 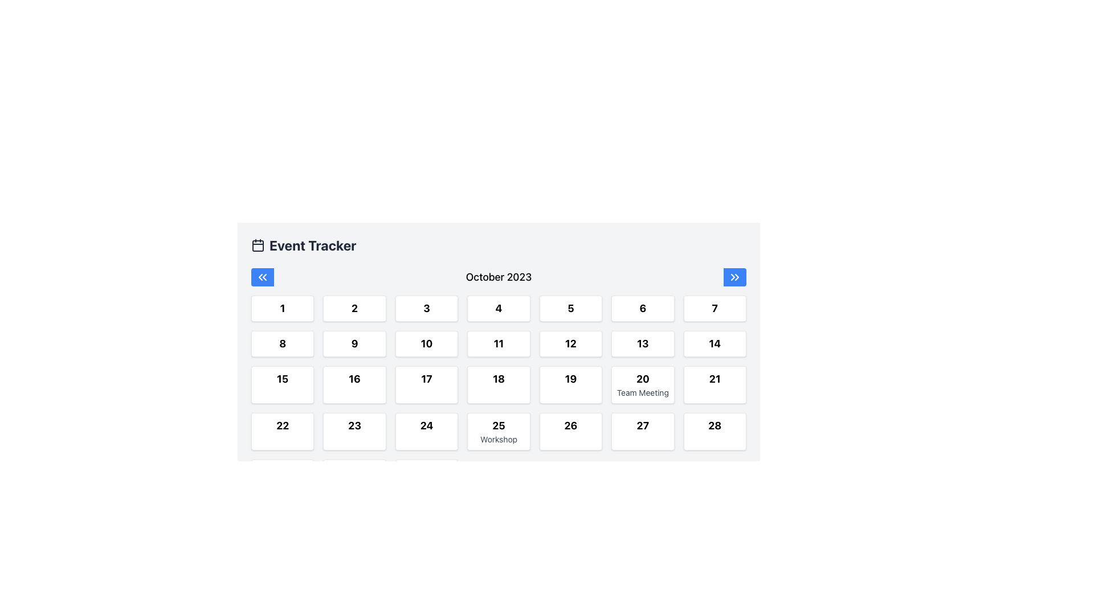 What do you see at coordinates (426, 432) in the screenshot?
I see `the calendar day display box representing the 24th day of October 2023, positioned in the fifth column of the fourth row` at bounding box center [426, 432].